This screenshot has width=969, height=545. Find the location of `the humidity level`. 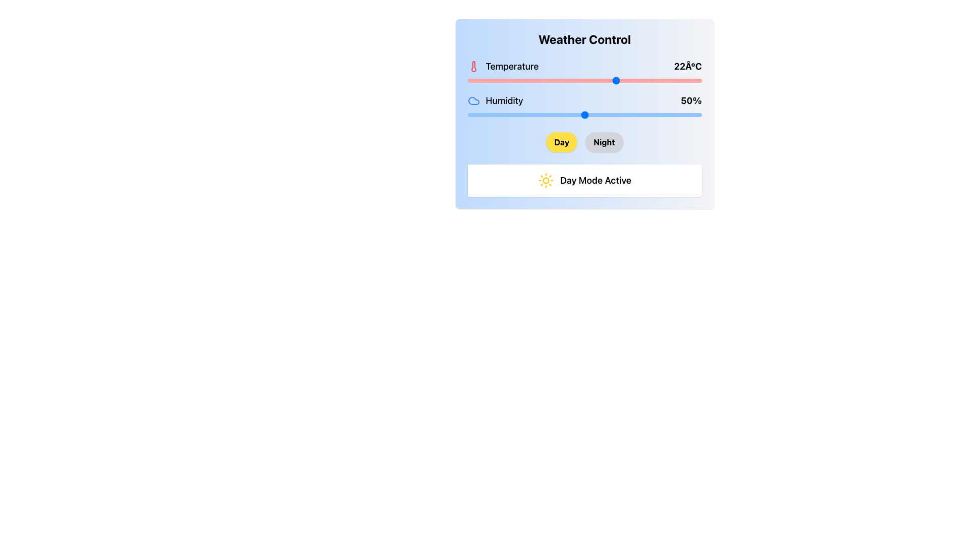

the humidity level is located at coordinates (483, 114).